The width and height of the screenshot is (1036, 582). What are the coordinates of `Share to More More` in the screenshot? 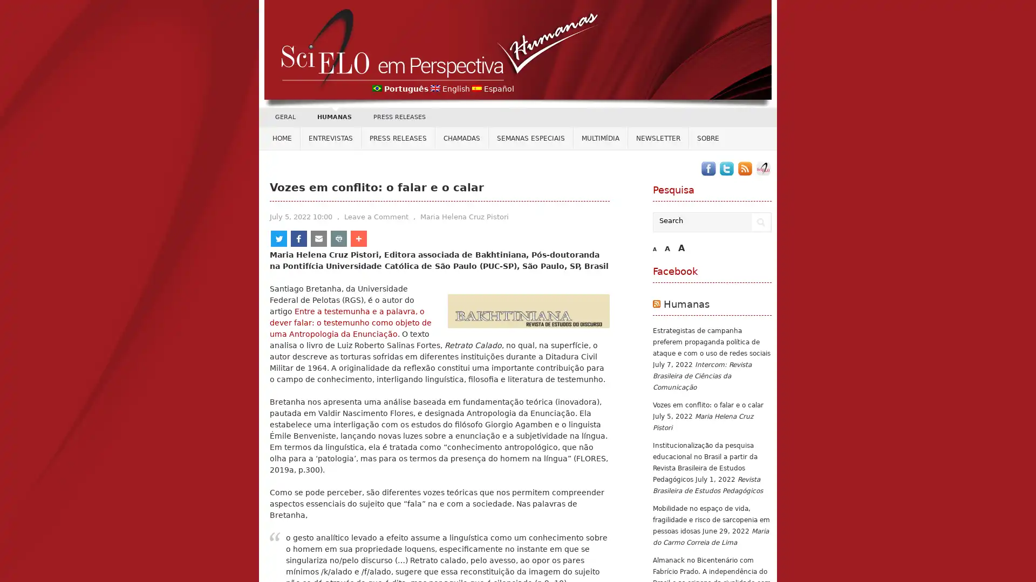 It's located at (486, 238).